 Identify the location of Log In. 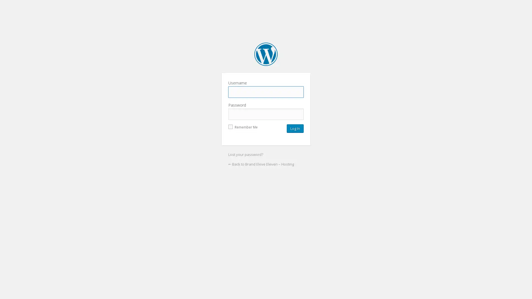
(295, 128).